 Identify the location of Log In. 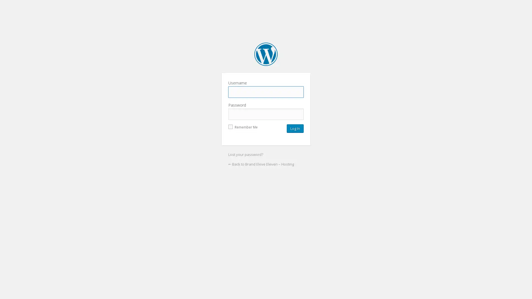
(295, 128).